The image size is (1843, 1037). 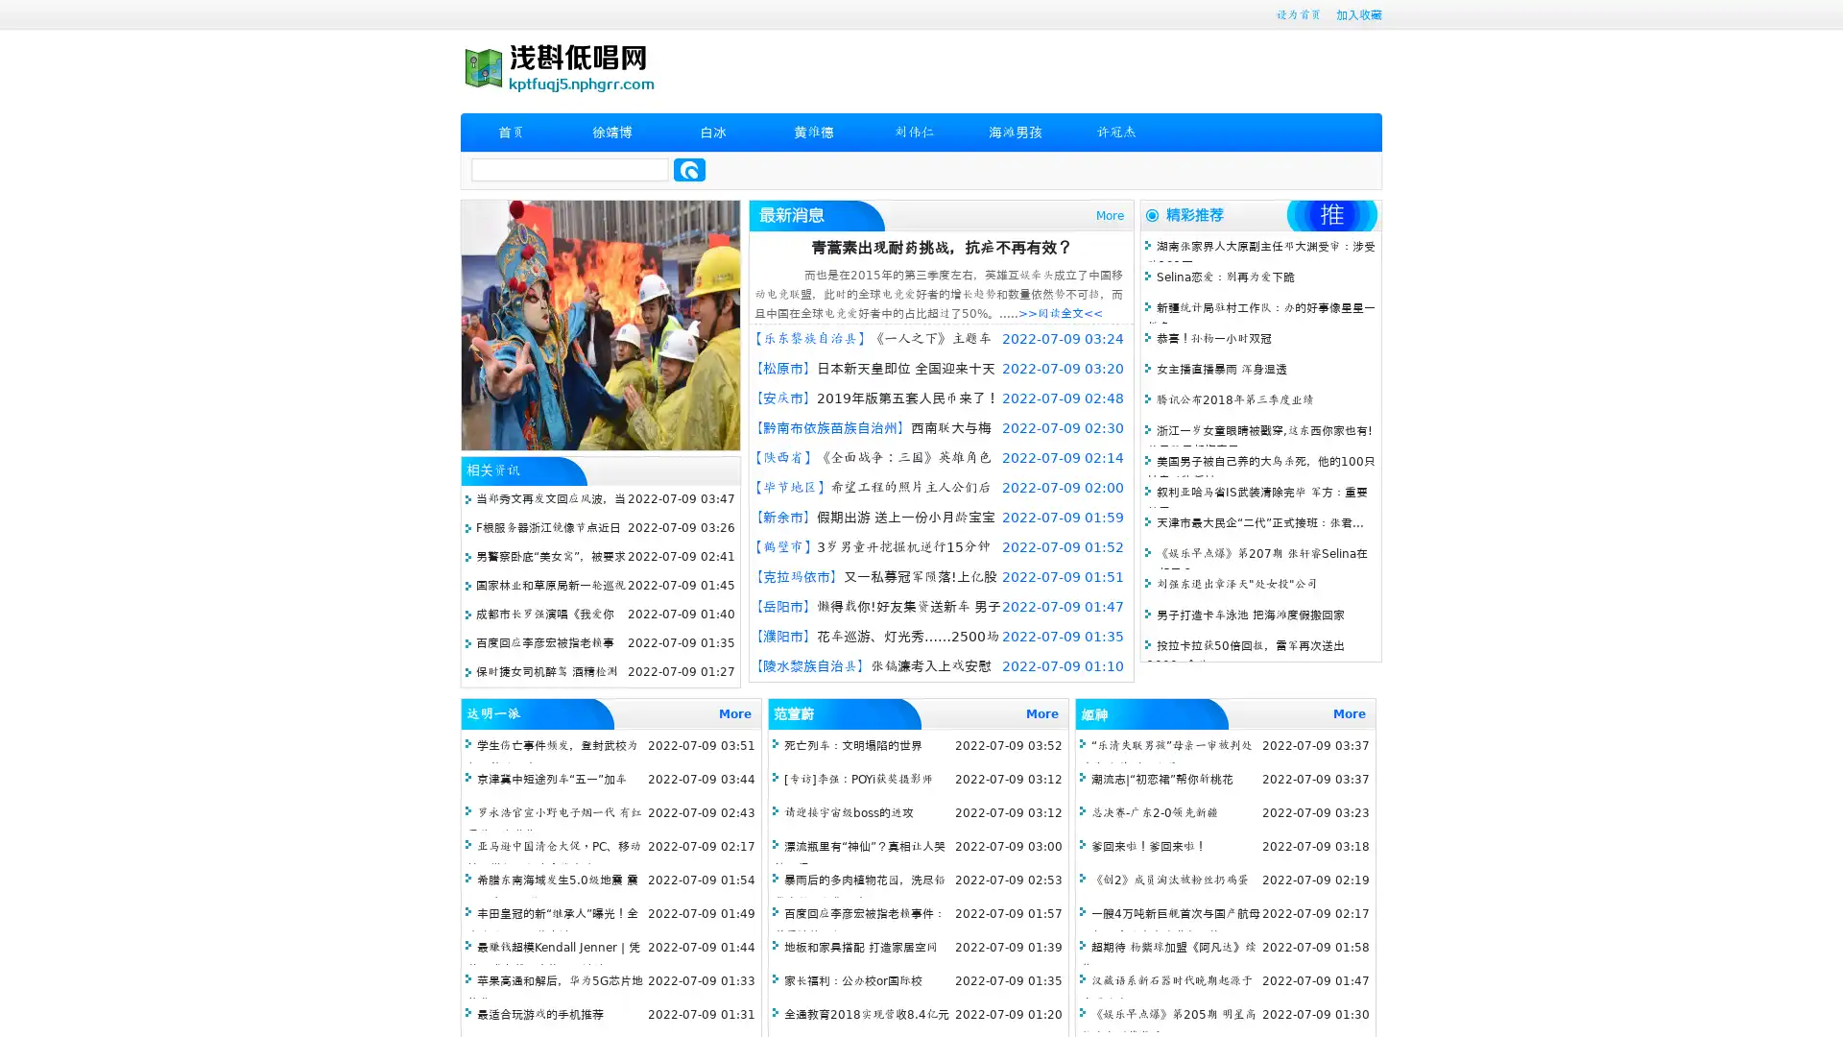 I want to click on Search, so click(x=689, y=169).